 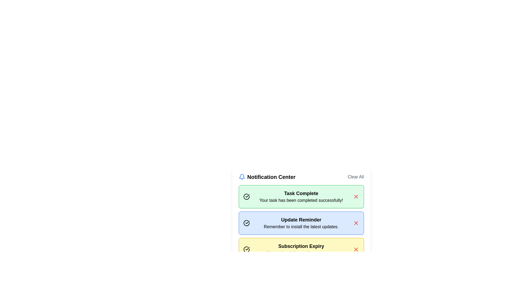 I want to click on the second notification card in the Notification Center, so click(x=301, y=217).